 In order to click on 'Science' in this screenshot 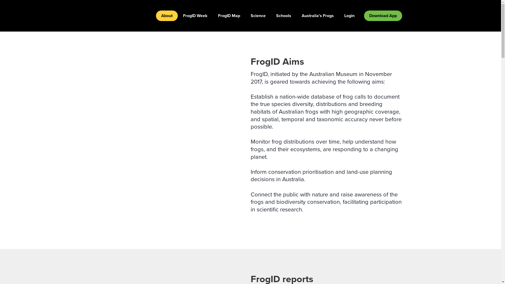, I will do `click(258, 15)`.